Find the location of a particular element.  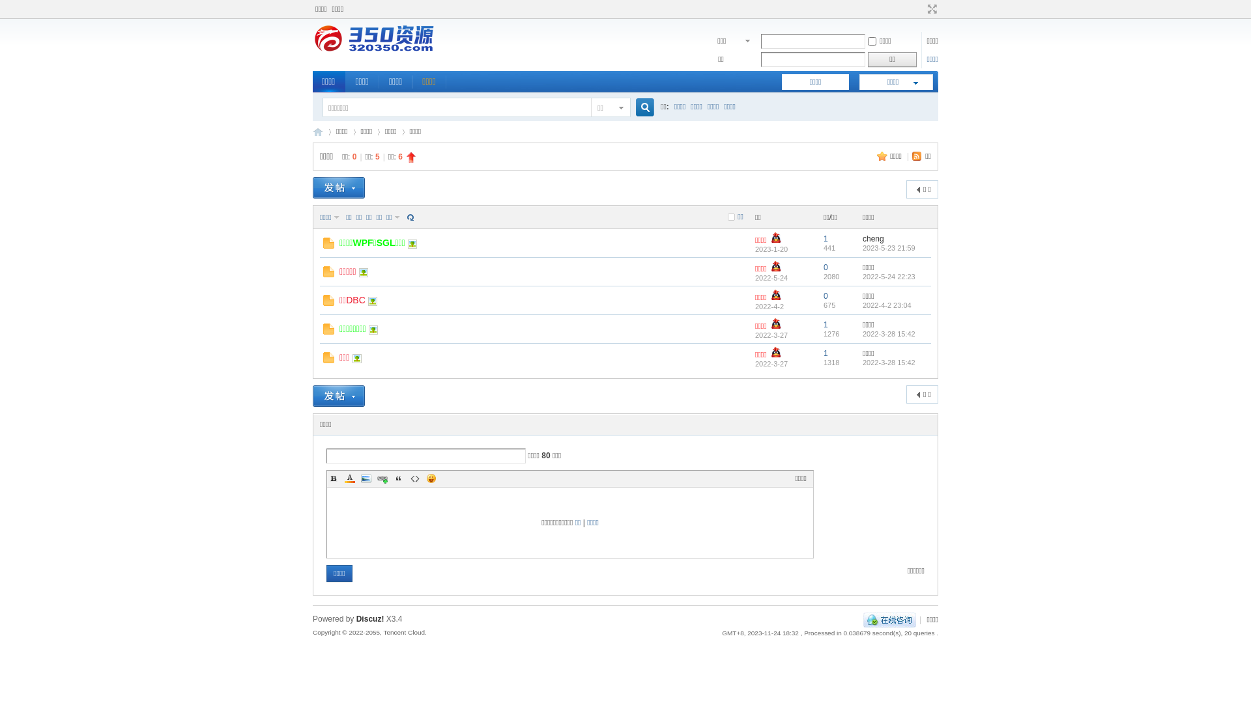

'2022-4-2 23:04' is located at coordinates (886, 304).